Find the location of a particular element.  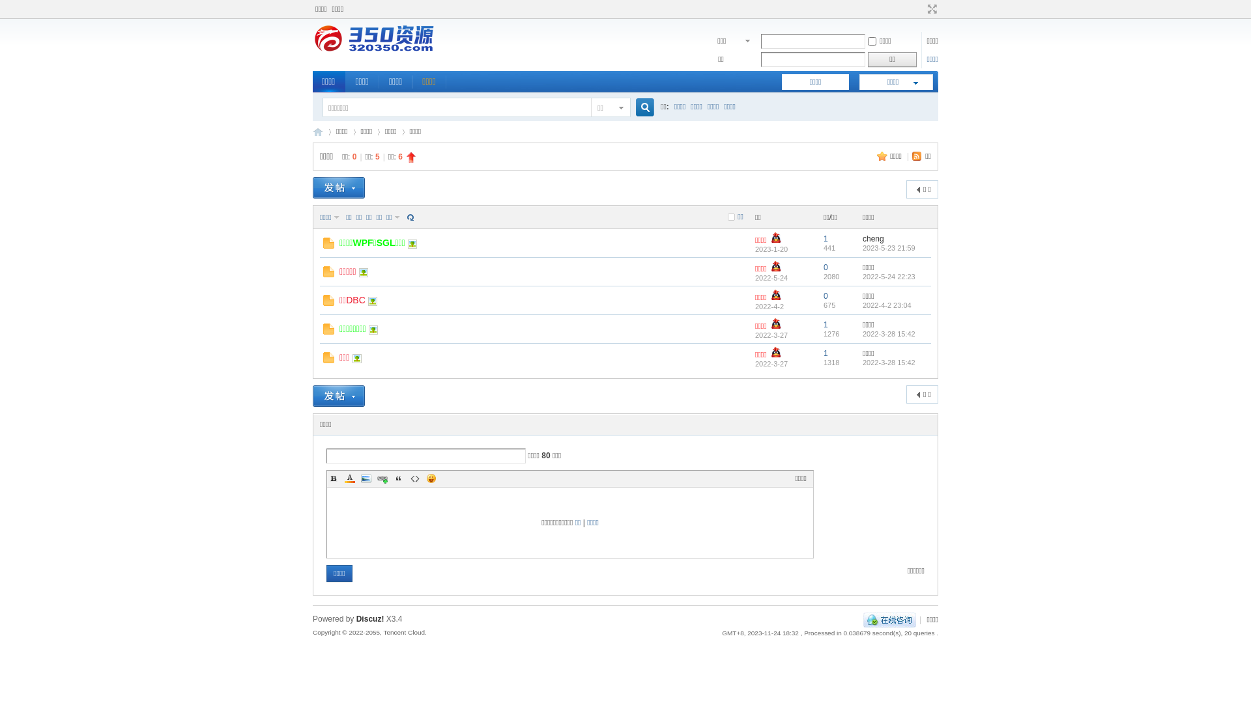

'2022-4-2 23:04' is located at coordinates (886, 304).